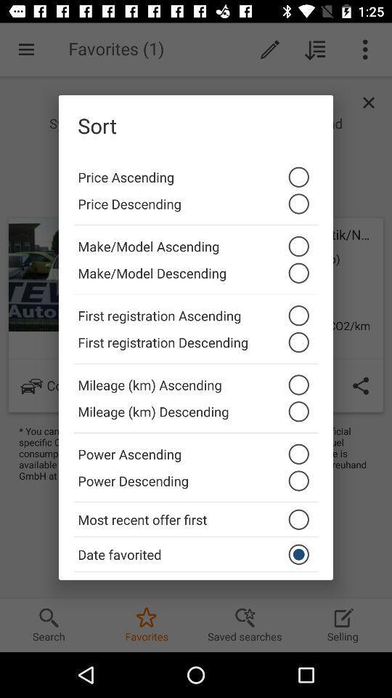 The height and width of the screenshot is (698, 392). What do you see at coordinates (196, 553) in the screenshot?
I see `the date favorited` at bounding box center [196, 553].